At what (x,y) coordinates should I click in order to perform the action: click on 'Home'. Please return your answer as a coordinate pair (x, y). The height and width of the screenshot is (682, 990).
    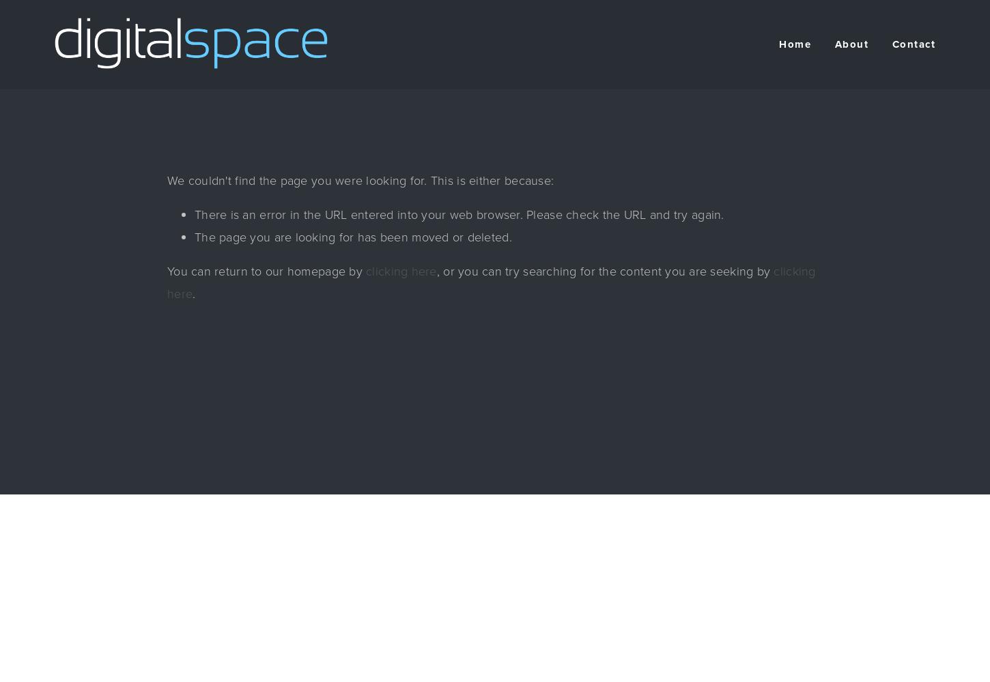
    Looking at the image, I should click on (794, 44).